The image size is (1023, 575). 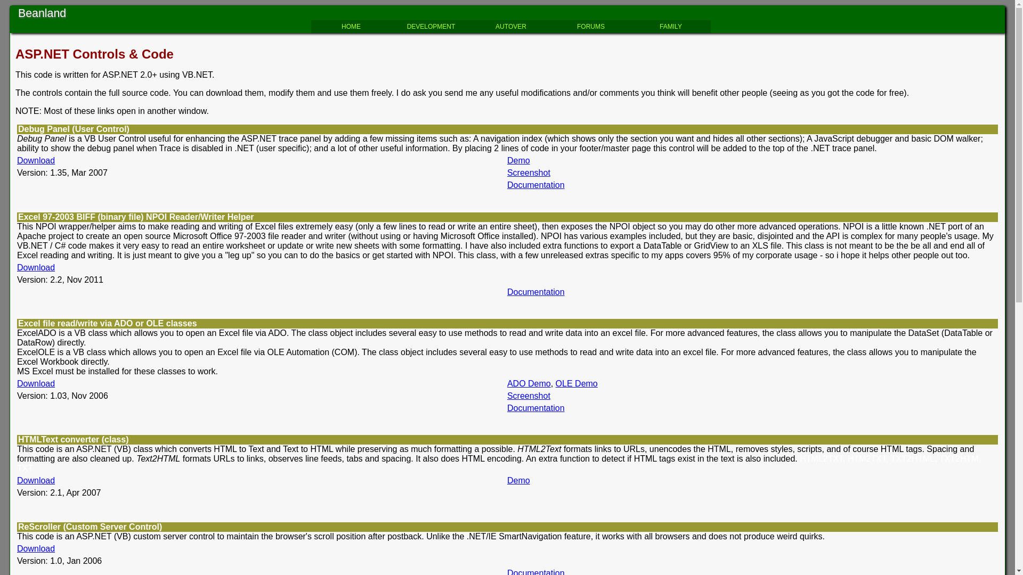 What do you see at coordinates (431, 26) in the screenshot?
I see `'DEVELOPMENT'` at bounding box center [431, 26].